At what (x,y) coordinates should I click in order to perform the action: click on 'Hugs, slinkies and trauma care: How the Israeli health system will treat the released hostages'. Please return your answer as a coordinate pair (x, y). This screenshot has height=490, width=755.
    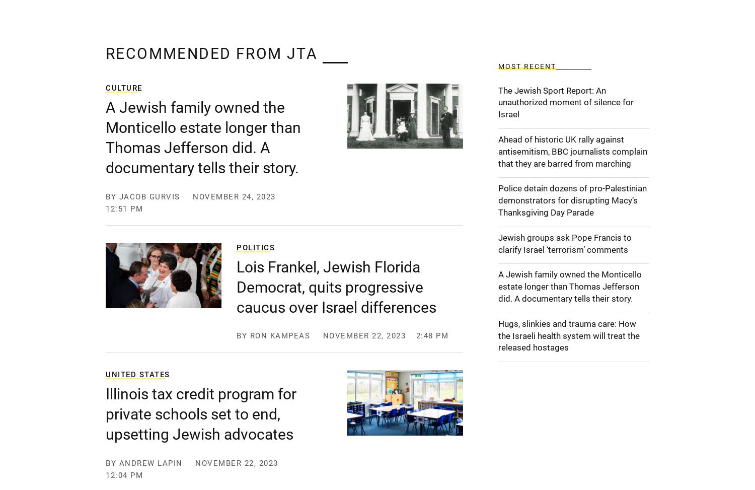
    Looking at the image, I should click on (569, 335).